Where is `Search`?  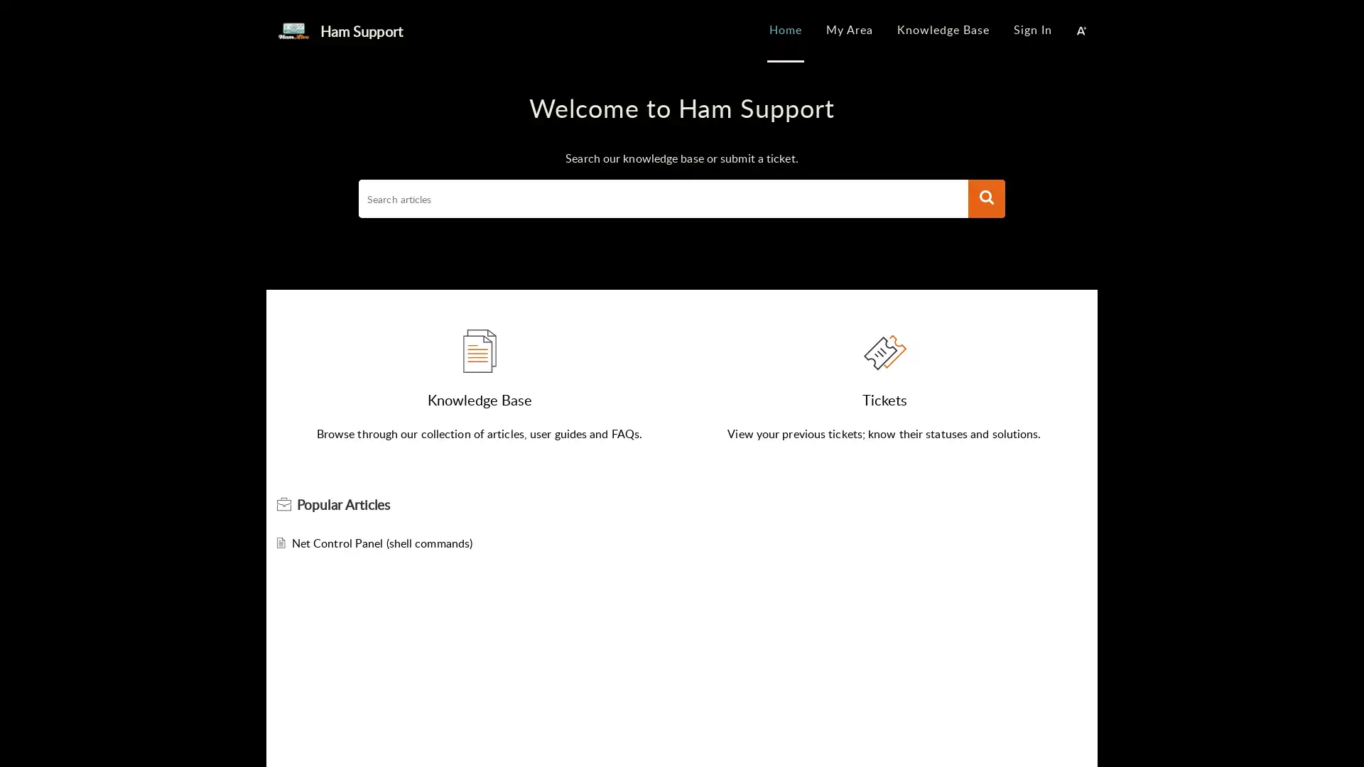 Search is located at coordinates (985, 198).